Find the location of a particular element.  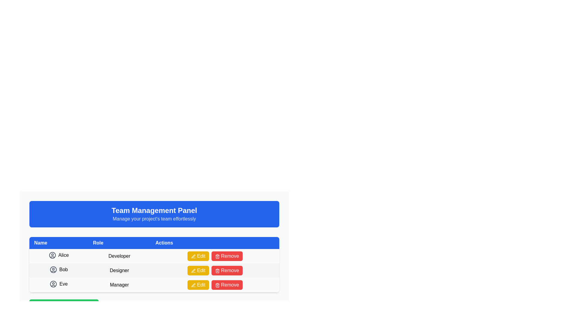

the User Identification Display that shows the name 'Bob' in the second row of the 'Name' column is located at coordinates (59, 269).